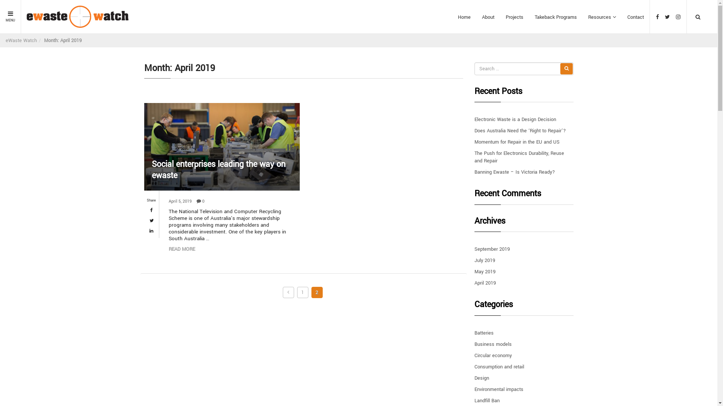 The height and width of the screenshot is (406, 723). Describe the element at coordinates (485, 283) in the screenshot. I see `'April 2019'` at that location.